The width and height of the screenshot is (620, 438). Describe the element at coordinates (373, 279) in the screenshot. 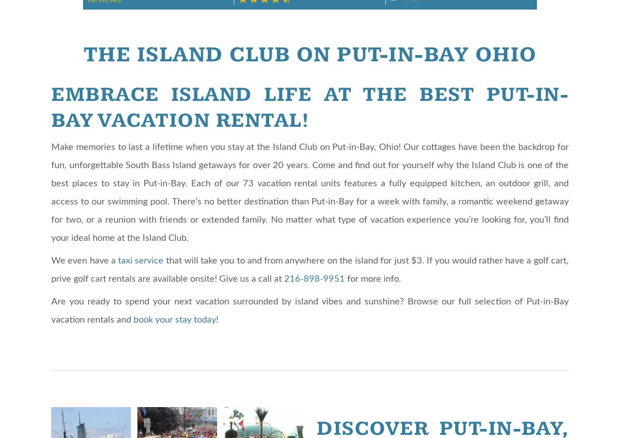

I see `'for more info.'` at that location.